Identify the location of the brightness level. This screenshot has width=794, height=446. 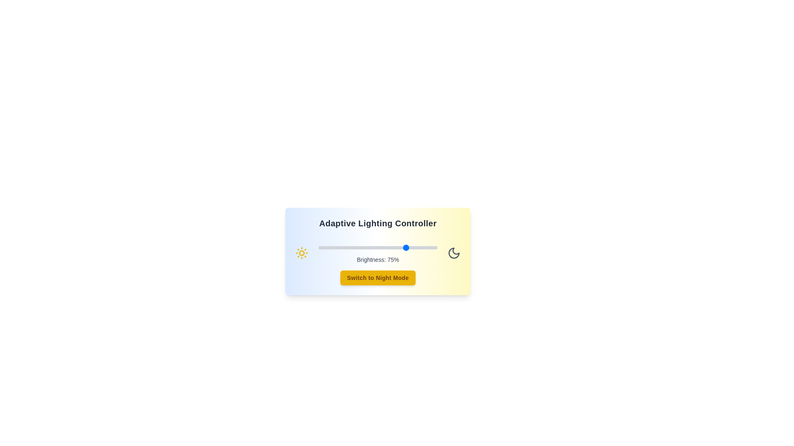
(394, 247).